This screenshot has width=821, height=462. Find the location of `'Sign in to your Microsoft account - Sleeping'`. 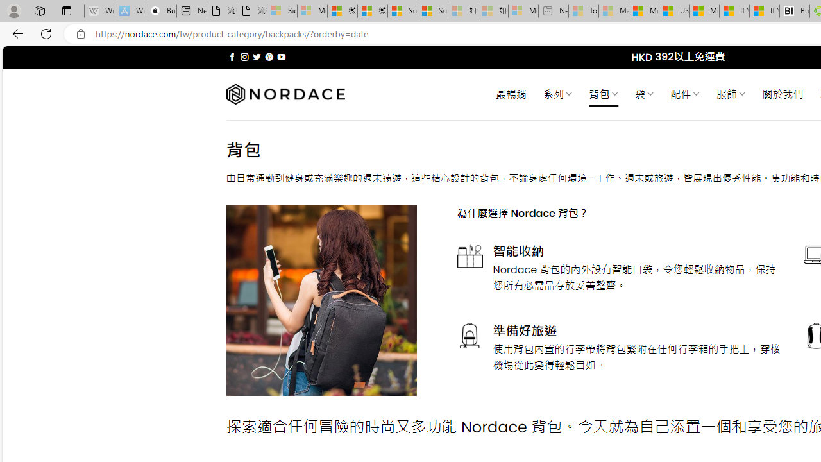

'Sign in to your Microsoft account - Sleeping' is located at coordinates (282, 11).